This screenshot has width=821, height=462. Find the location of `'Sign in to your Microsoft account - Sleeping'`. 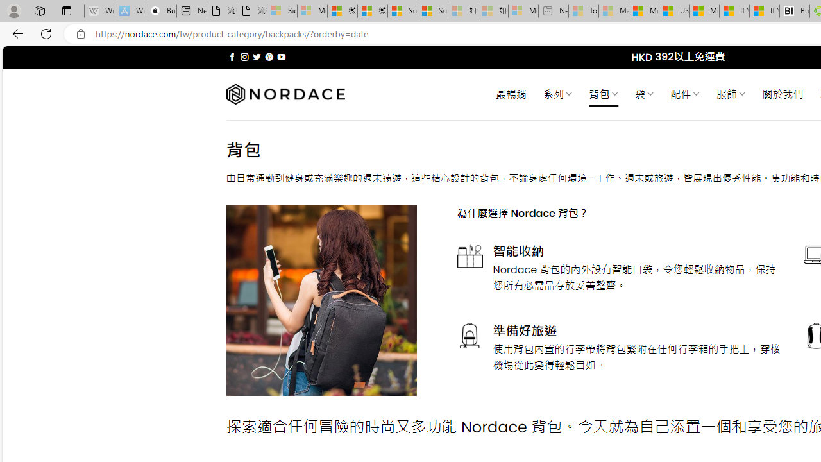

'Sign in to your Microsoft account - Sleeping' is located at coordinates (282, 11).